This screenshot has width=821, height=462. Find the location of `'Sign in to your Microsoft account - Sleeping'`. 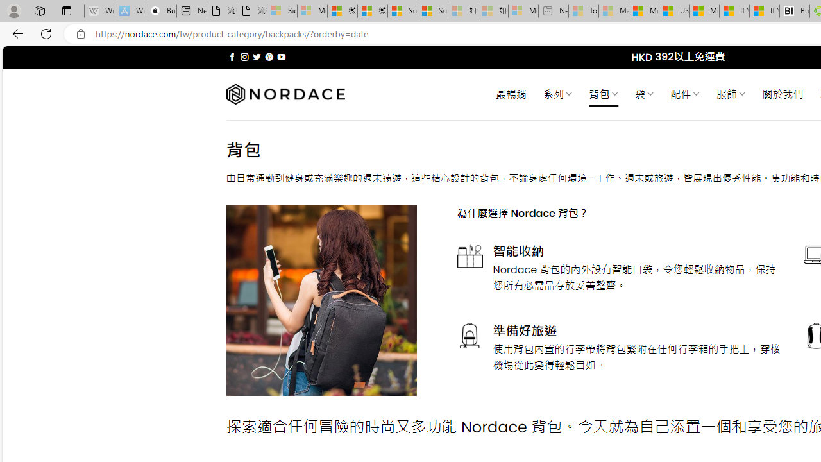

'Sign in to your Microsoft account - Sleeping' is located at coordinates (282, 11).